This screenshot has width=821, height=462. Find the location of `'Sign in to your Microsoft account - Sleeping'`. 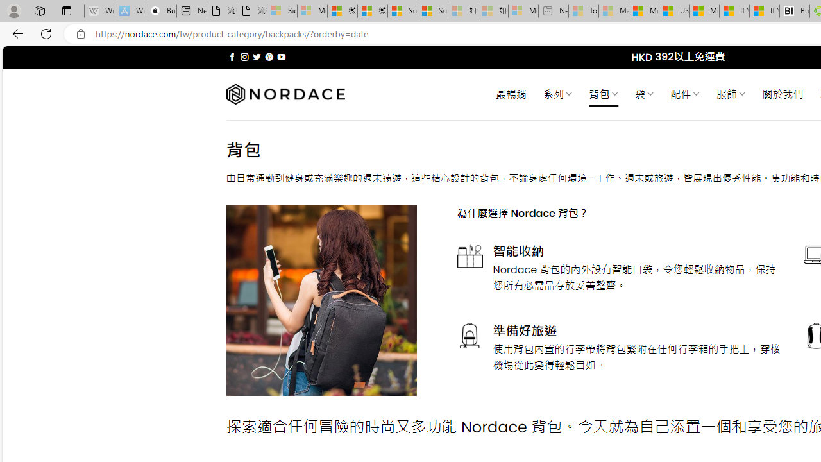

'Sign in to your Microsoft account - Sleeping' is located at coordinates (282, 11).